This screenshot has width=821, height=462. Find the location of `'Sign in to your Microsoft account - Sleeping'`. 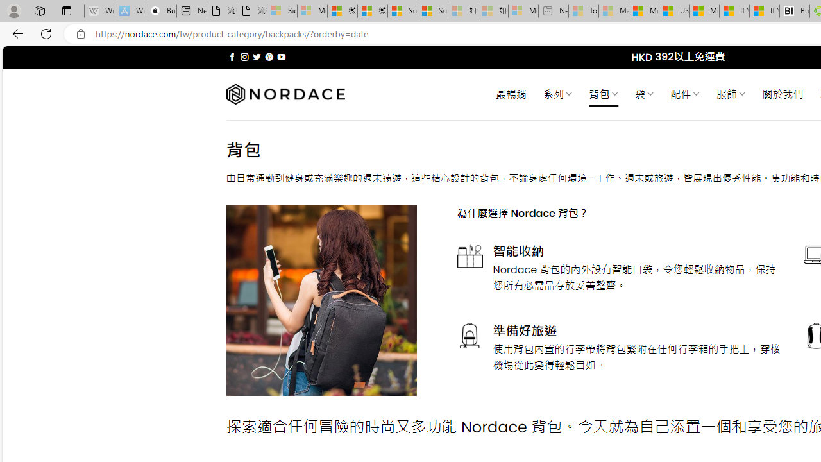

'Sign in to your Microsoft account - Sleeping' is located at coordinates (282, 11).